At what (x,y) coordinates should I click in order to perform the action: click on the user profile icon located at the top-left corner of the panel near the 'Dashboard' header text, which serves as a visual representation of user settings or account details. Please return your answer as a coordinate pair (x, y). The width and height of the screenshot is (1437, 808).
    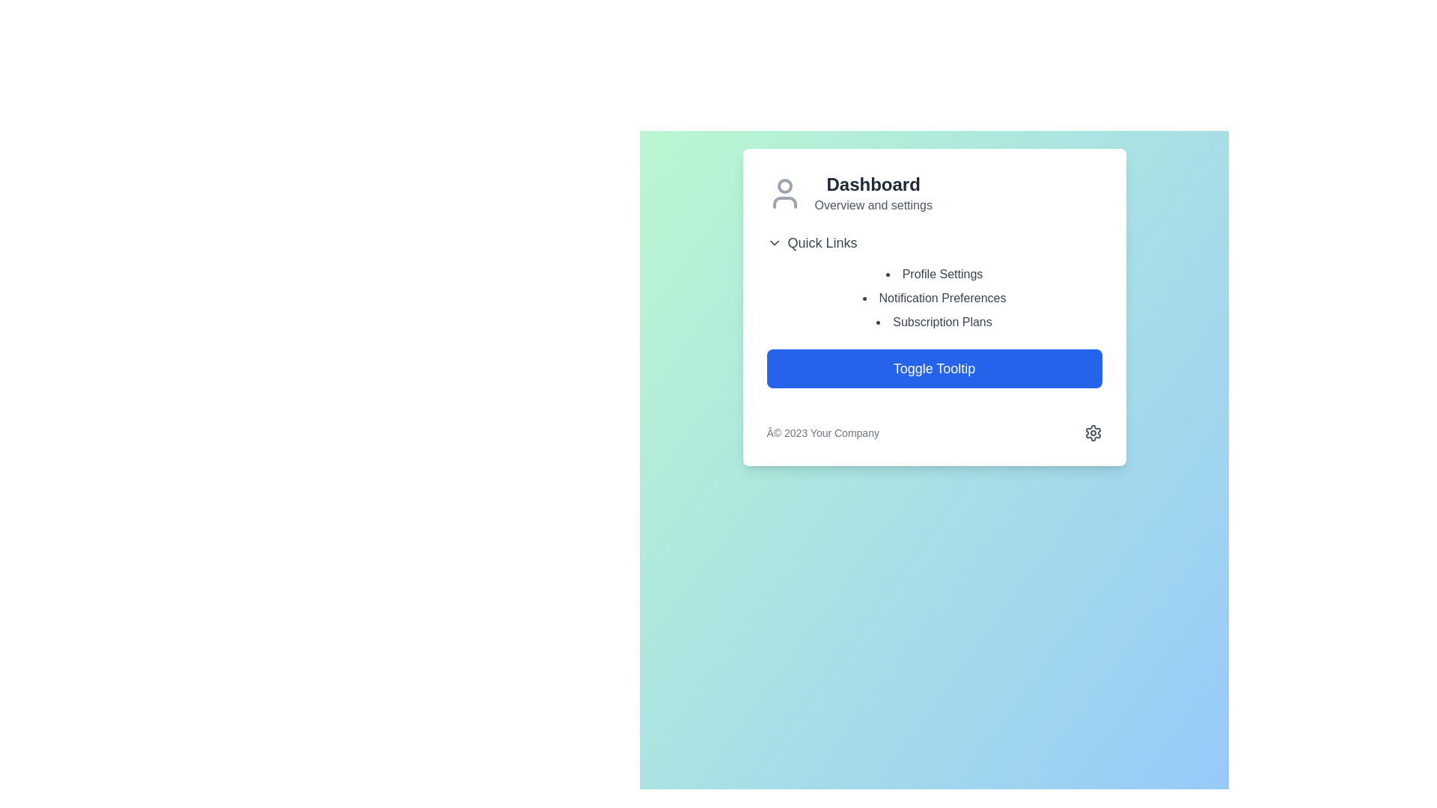
    Looking at the image, I should click on (784, 192).